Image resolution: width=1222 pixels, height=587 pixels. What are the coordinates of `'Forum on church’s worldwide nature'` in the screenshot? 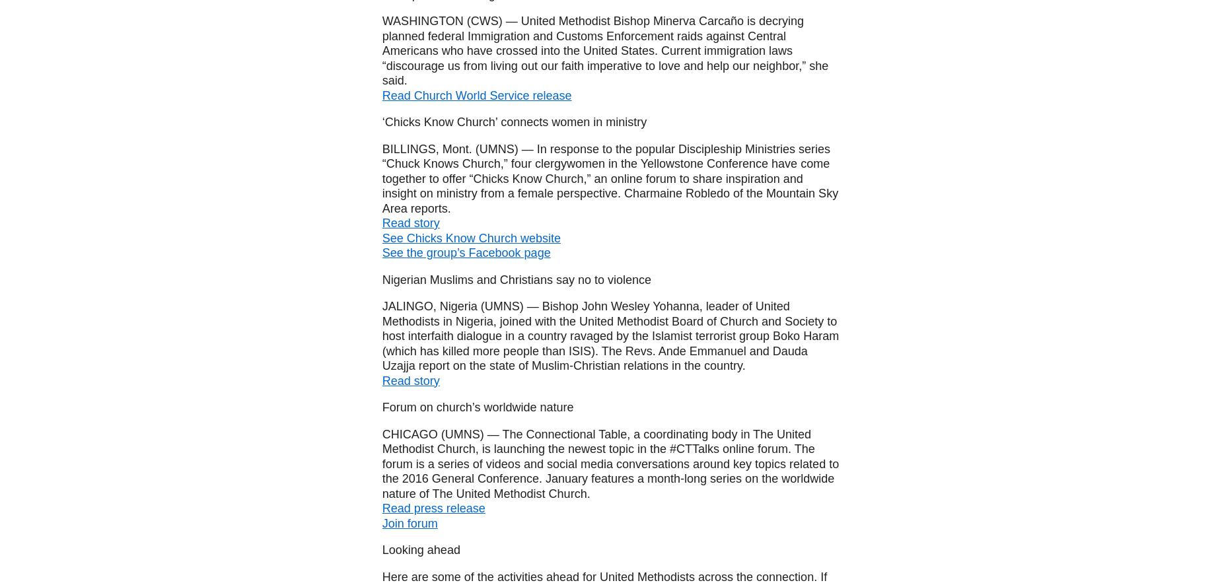 It's located at (477, 406).